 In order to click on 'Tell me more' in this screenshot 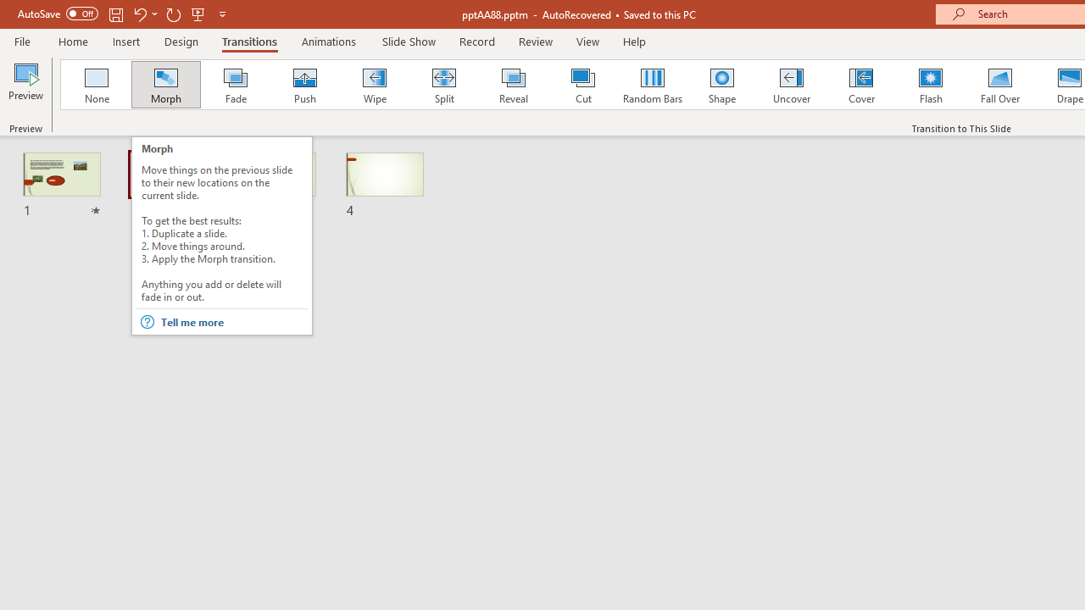, I will do `click(232, 322)`.